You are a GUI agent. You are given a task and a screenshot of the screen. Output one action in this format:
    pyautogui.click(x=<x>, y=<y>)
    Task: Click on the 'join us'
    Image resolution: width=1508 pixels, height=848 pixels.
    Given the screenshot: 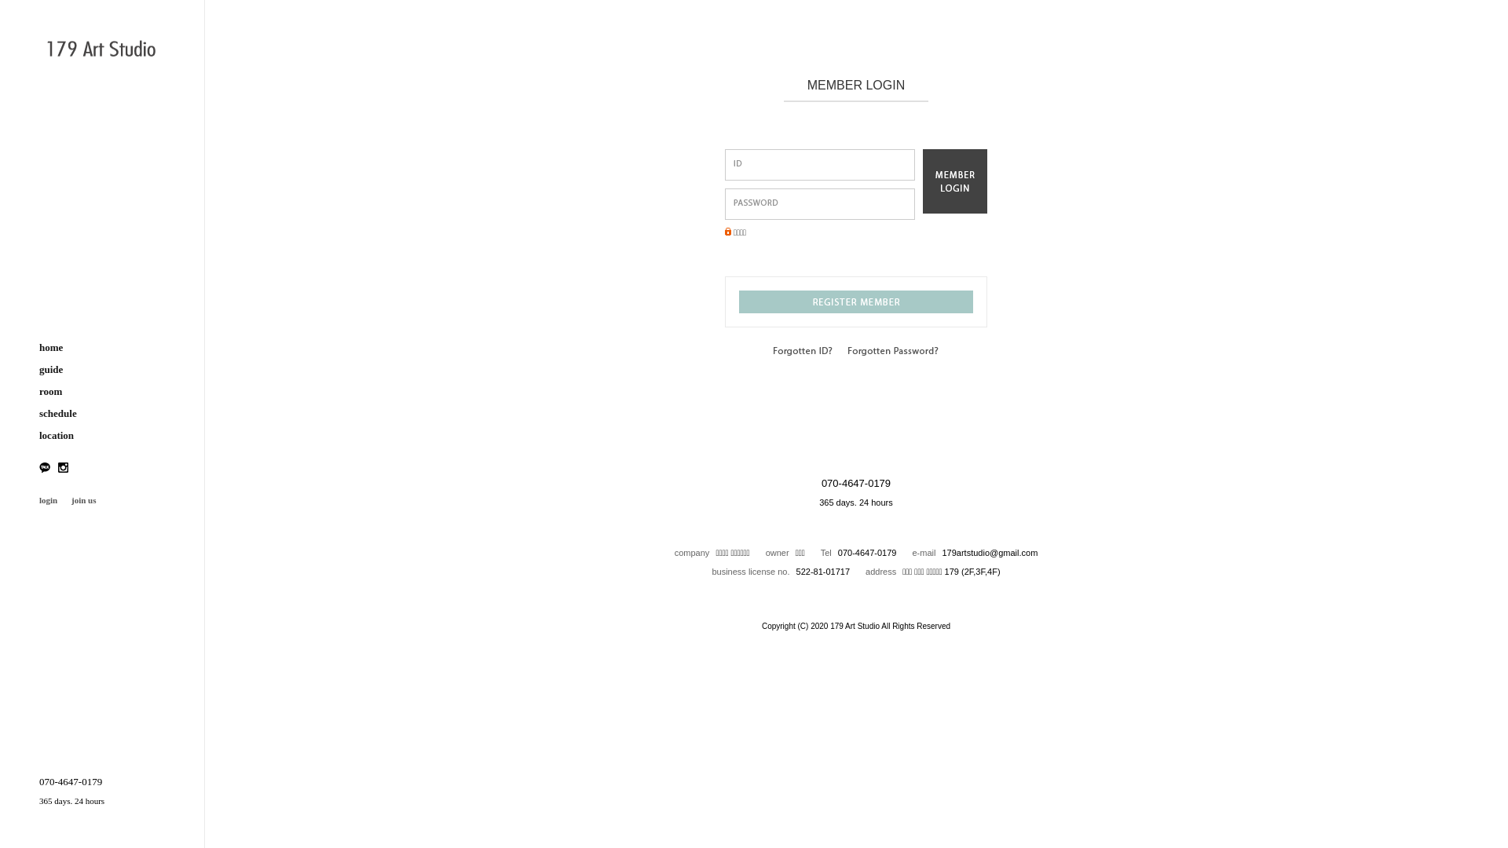 What is the action you would take?
    pyautogui.click(x=82, y=499)
    